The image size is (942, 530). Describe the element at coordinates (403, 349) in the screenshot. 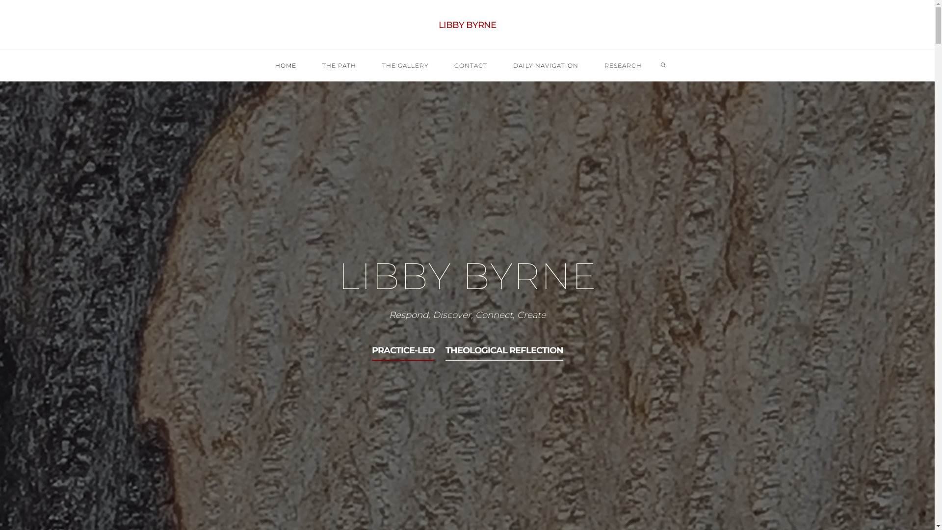

I see `'PRACTICE-LED'` at that location.